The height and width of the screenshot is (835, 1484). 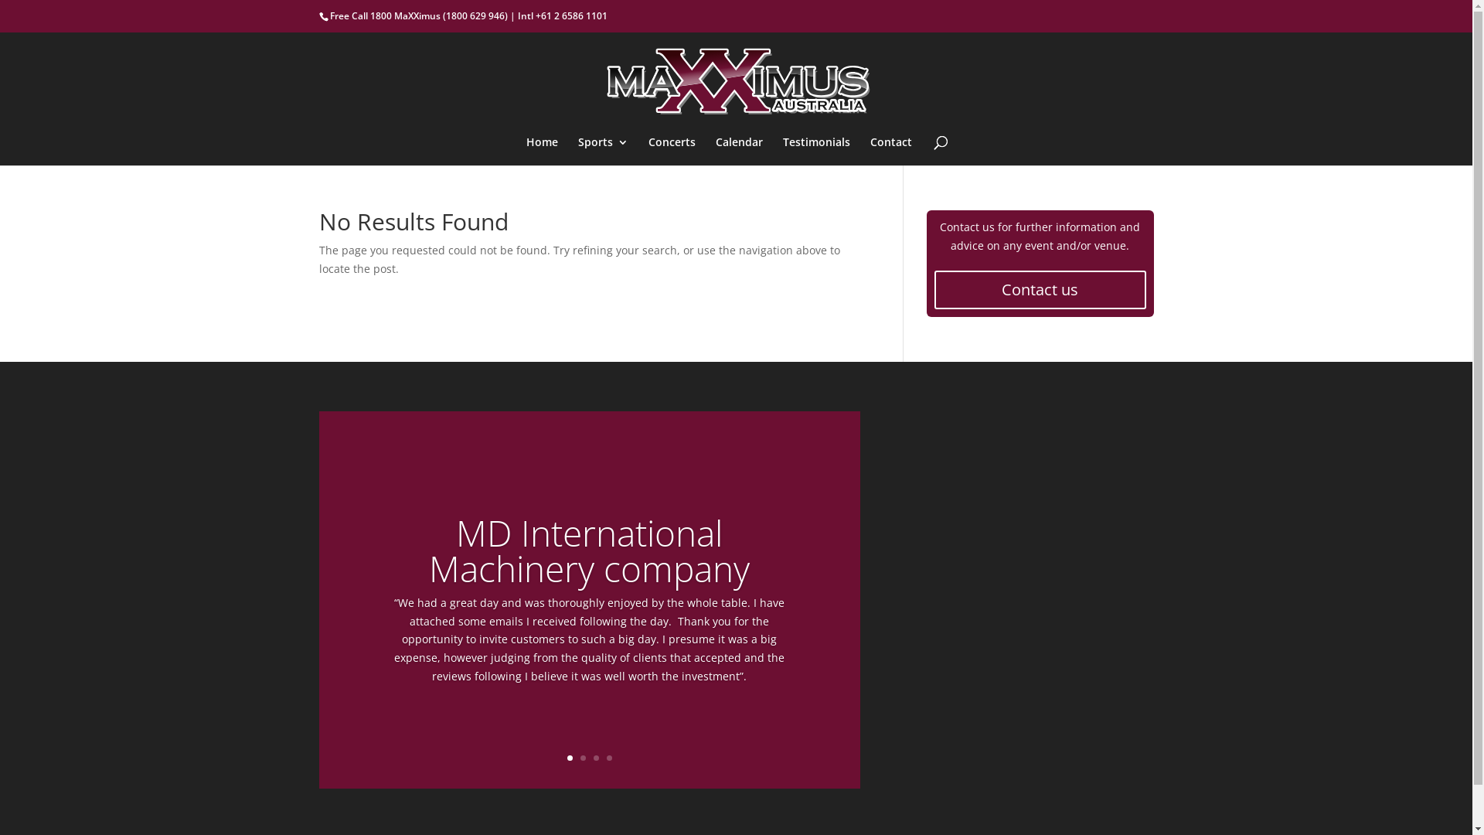 What do you see at coordinates (648, 151) in the screenshot?
I see `'Concerts'` at bounding box center [648, 151].